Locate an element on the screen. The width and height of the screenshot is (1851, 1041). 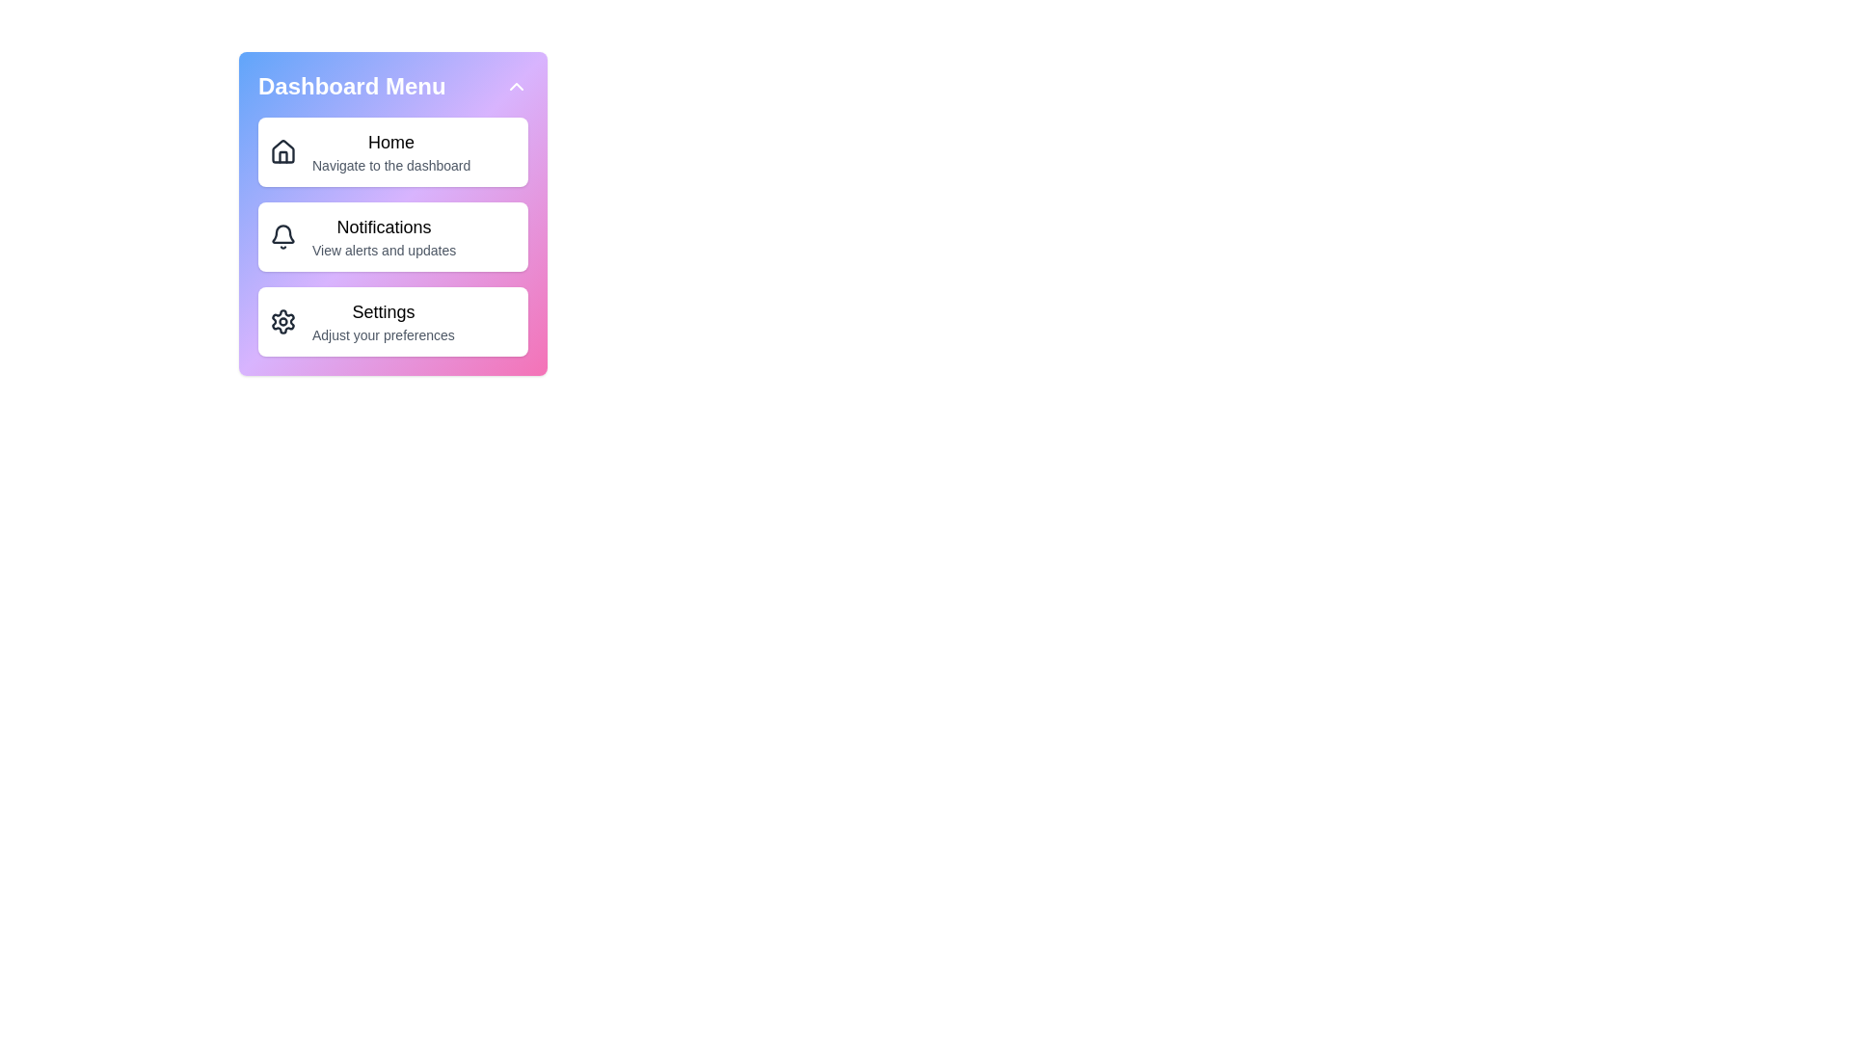
the menu item Notifications to navigate is located at coordinates (392, 236).